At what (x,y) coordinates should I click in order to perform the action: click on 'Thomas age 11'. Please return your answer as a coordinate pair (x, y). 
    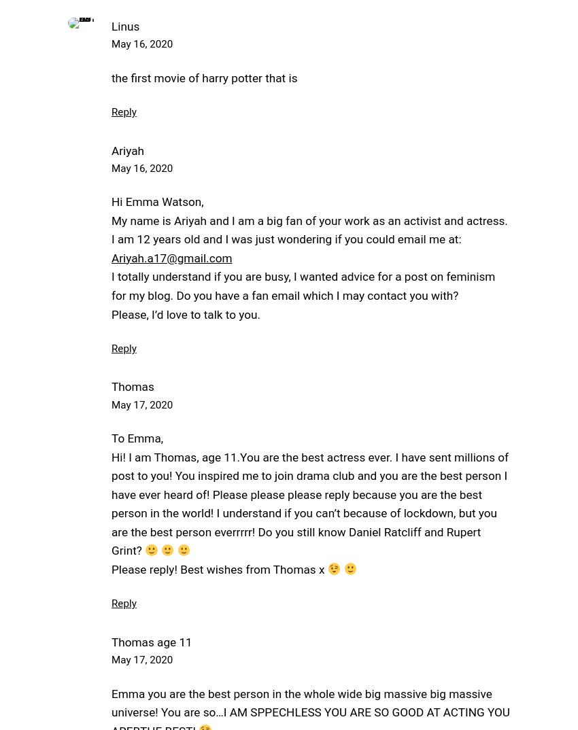
    Looking at the image, I should click on (152, 642).